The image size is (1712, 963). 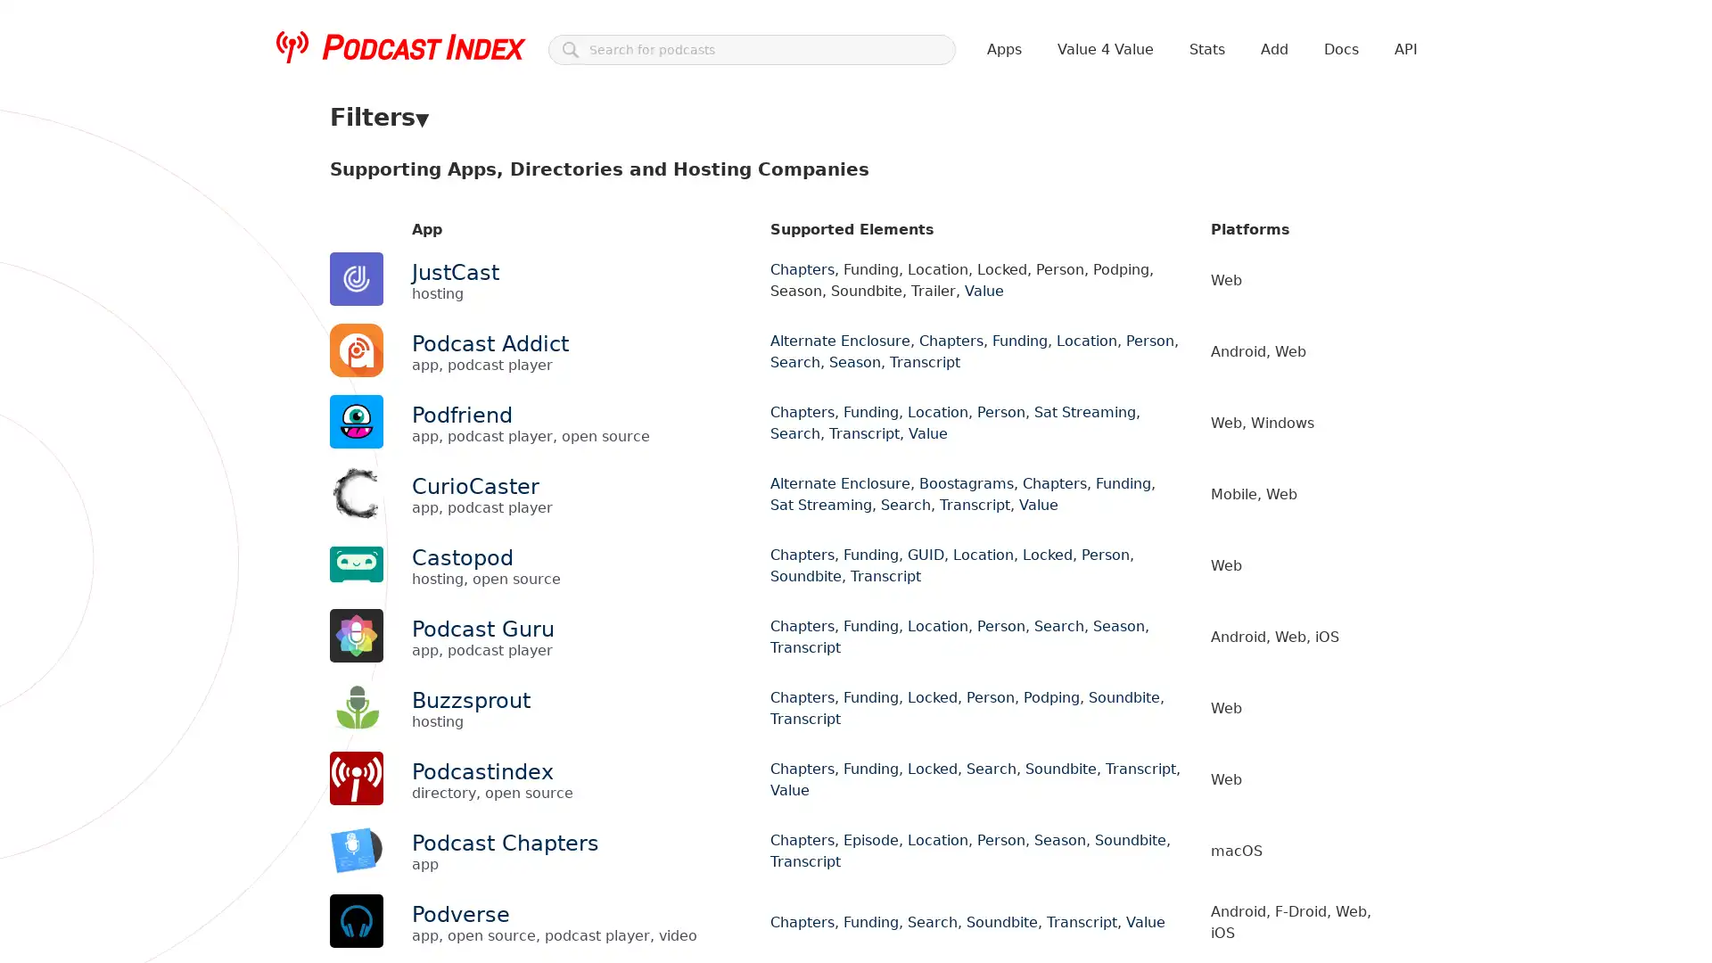 I want to click on Transcript, so click(x=809, y=303).